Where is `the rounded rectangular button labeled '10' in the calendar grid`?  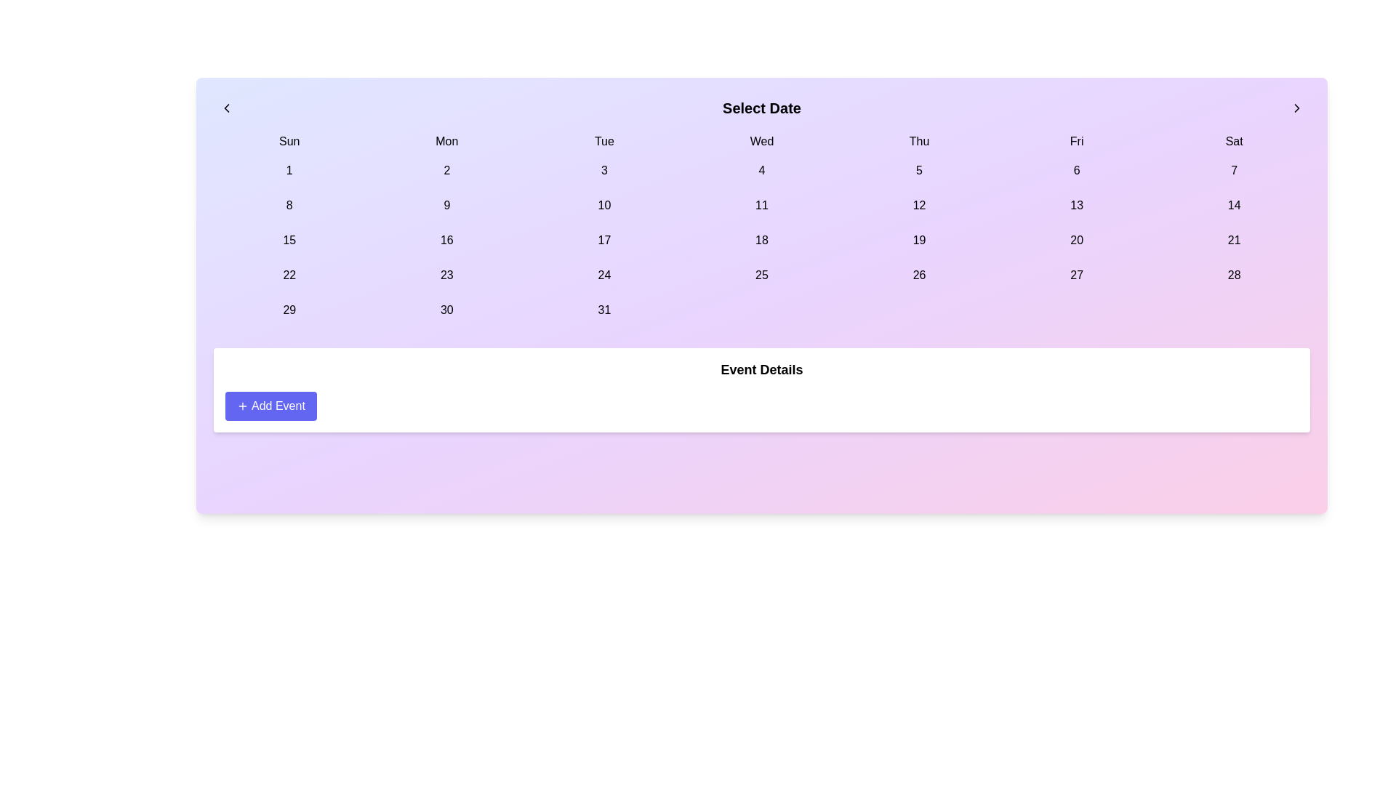 the rounded rectangular button labeled '10' in the calendar grid is located at coordinates (604, 205).